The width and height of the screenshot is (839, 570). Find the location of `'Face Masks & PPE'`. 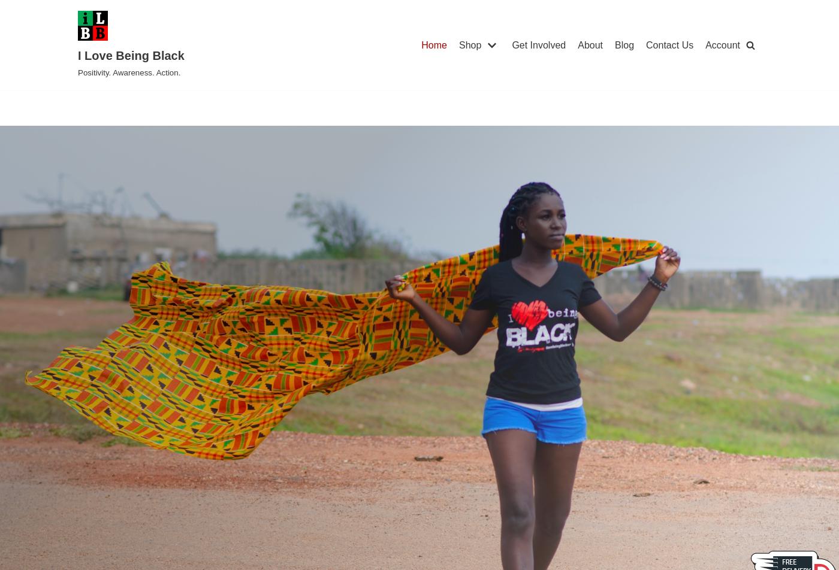

'Face Masks & PPE' is located at coordinates (443, 117).